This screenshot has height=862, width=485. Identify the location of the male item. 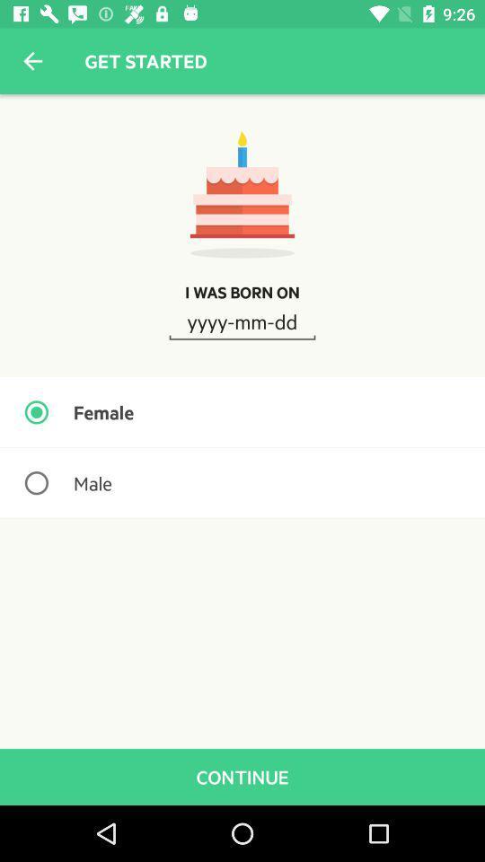
(242, 482).